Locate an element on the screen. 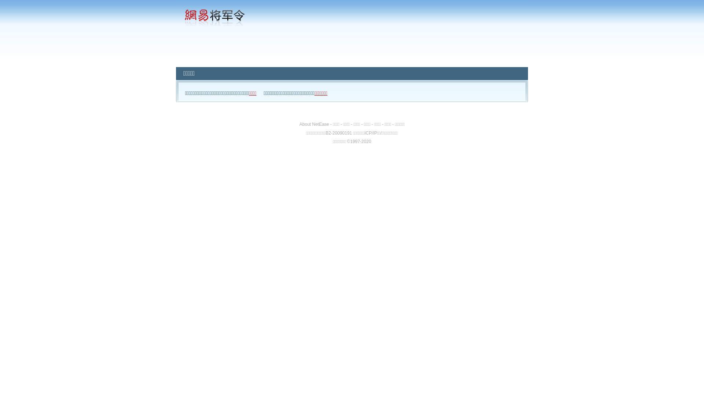  'About NetEase' is located at coordinates (299, 124).